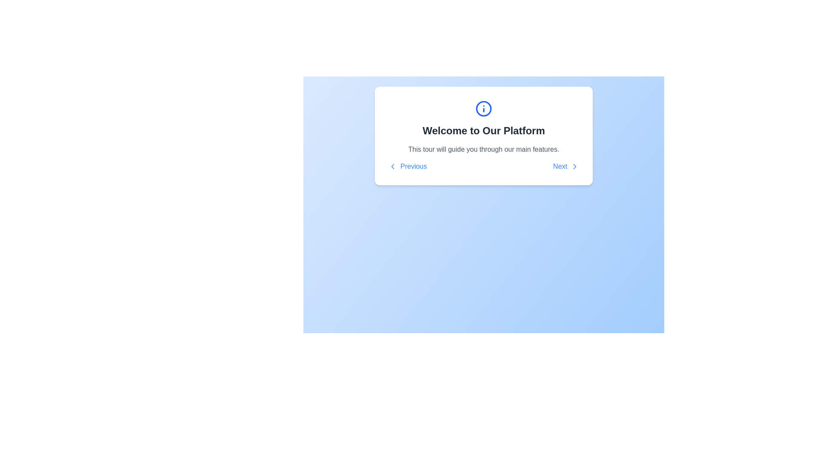 Image resolution: width=817 pixels, height=459 pixels. Describe the element at coordinates (560, 167) in the screenshot. I see `the 'Next' text label located at the bottom-right corner of the prompt area` at that location.